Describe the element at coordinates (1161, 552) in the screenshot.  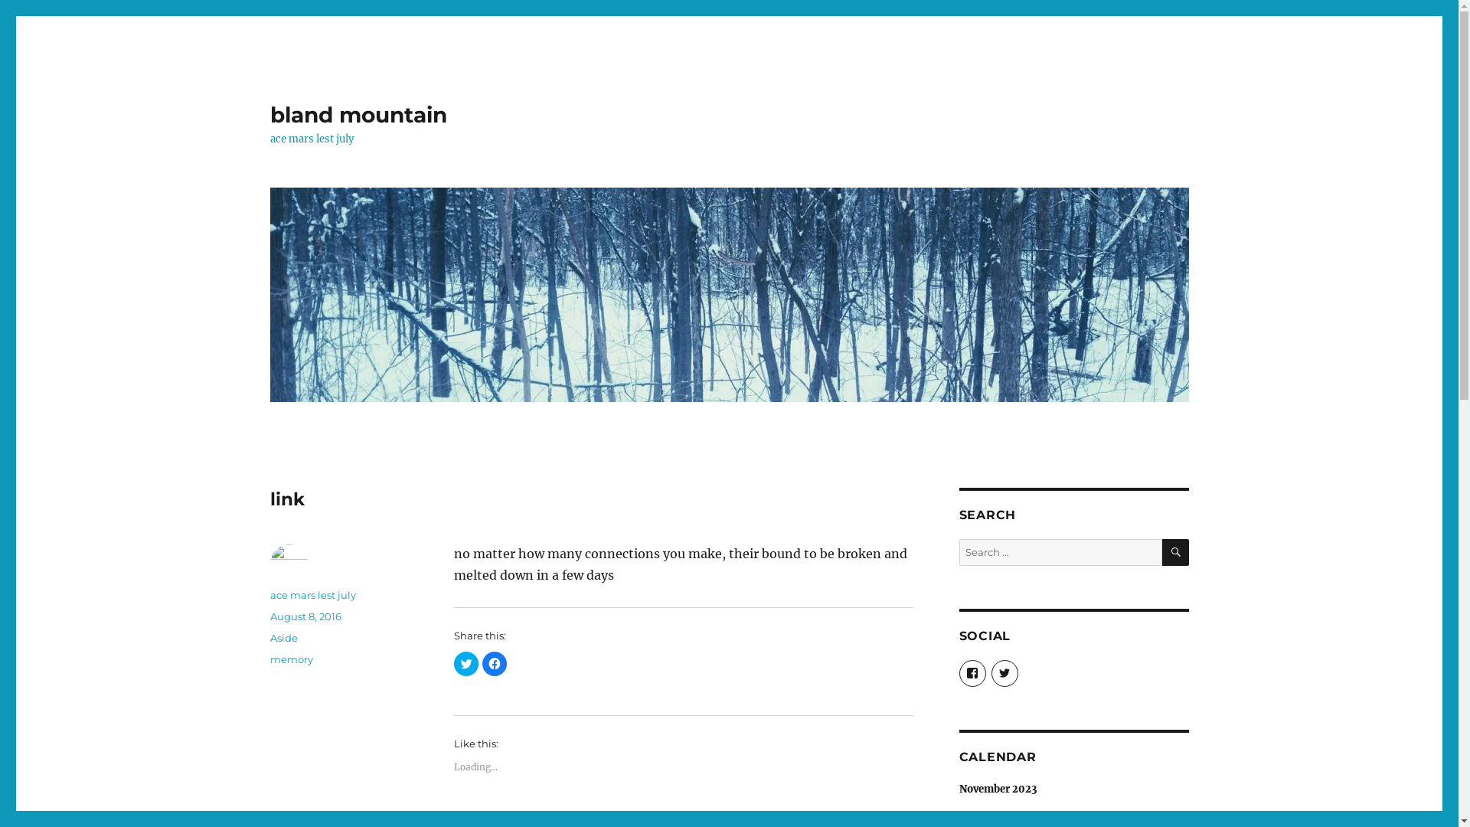
I see `'SEARCH'` at that location.